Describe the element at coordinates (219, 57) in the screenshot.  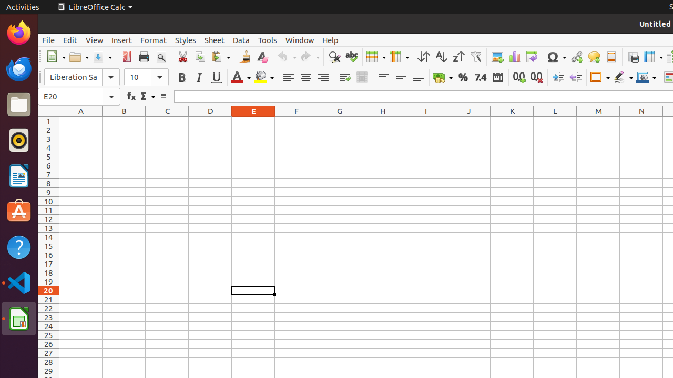
I see `'Paste'` at that location.